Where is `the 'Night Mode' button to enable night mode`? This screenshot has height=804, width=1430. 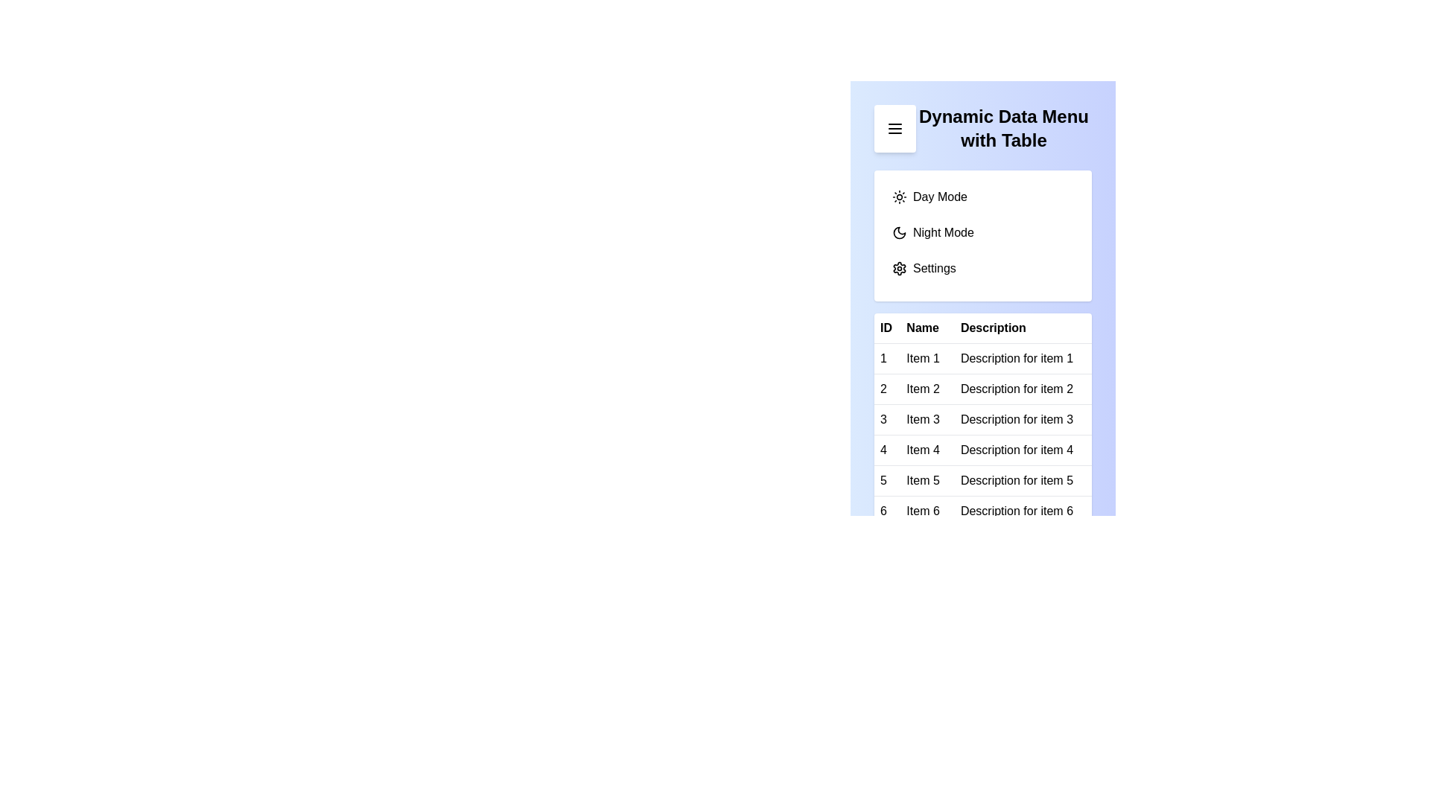
the 'Night Mode' button to enable night mode is located at coordinates (983, 232).